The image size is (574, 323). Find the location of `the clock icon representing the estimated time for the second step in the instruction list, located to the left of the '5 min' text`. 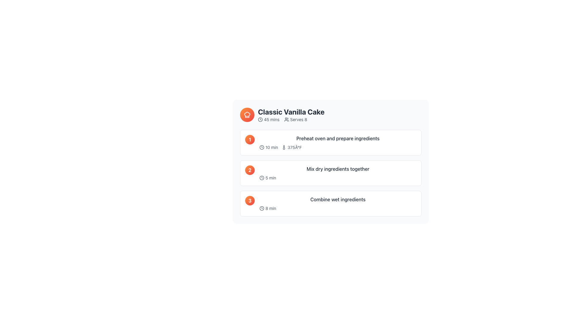

the clock icon representing the estimated time for the second step in the instruction list, located to the left of the '5 min' text is located at coordinates (262, 177).